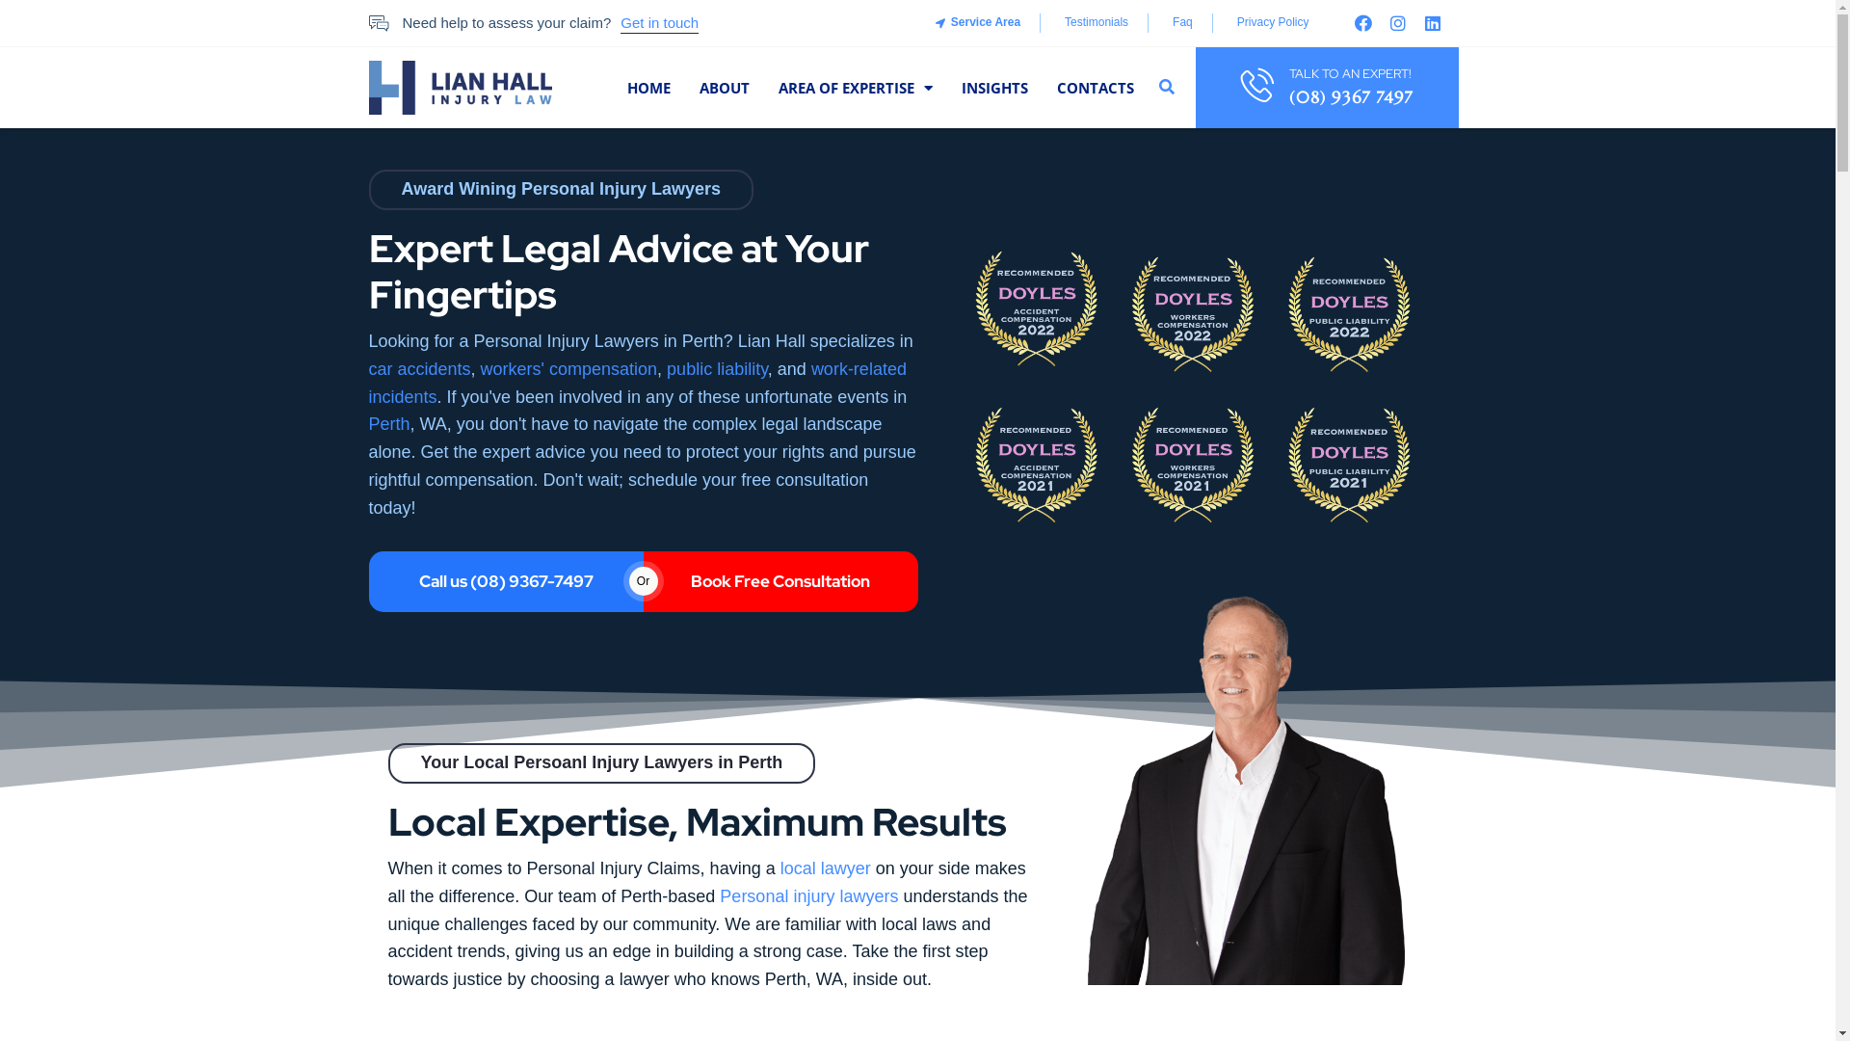 Image resolution: width=1850 pixels, height=1041 pixels. I want to click on 'HOME', so click(648, 88).